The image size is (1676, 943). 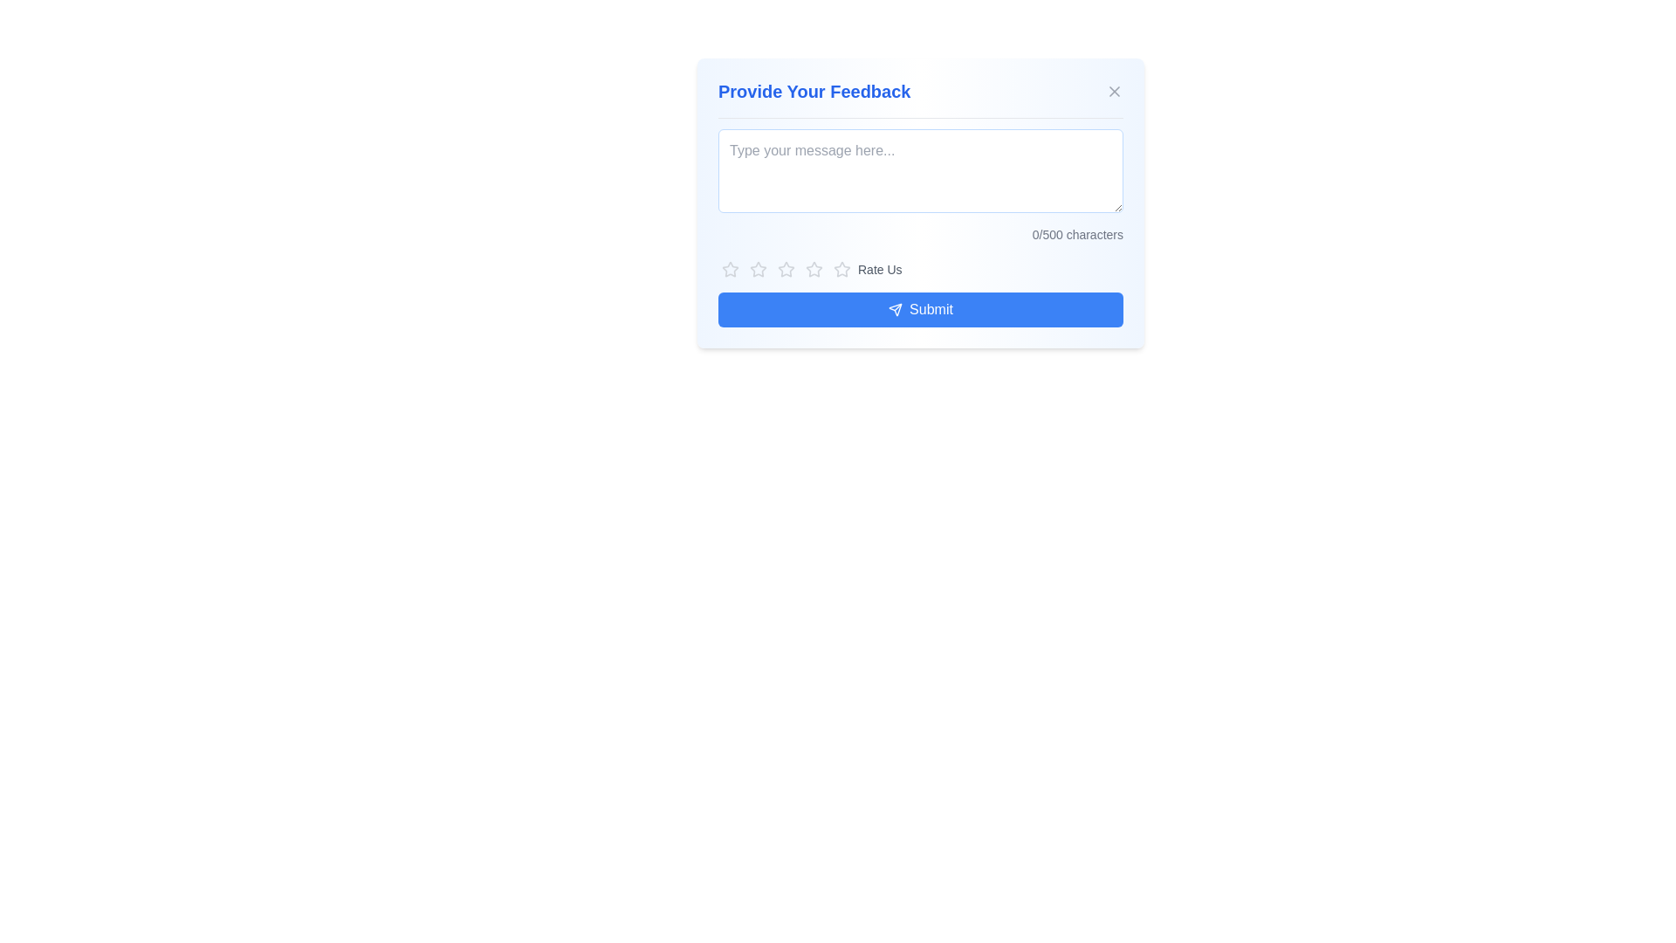 What do you see at coordinates (813, 269) in the screenshot?
I see `the fourth star in the five-star rating system located beneath the 'Rate Us' feedback input box to register a rating` at bounding box center [813, 269].